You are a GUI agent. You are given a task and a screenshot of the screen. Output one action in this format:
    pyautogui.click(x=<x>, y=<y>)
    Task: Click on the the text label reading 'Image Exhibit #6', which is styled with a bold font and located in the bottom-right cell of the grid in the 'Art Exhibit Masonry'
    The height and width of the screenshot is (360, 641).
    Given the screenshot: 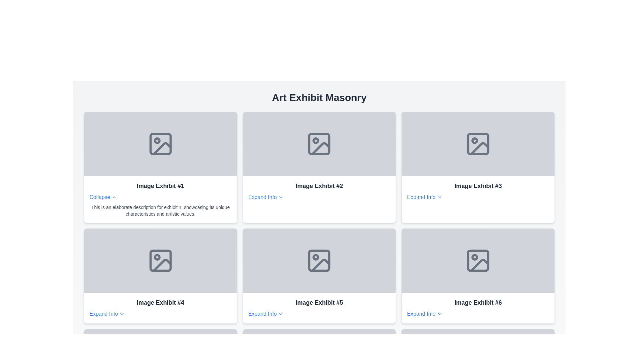 What is the action you would take?
    pyautogui.click(x=478, y=302)
    